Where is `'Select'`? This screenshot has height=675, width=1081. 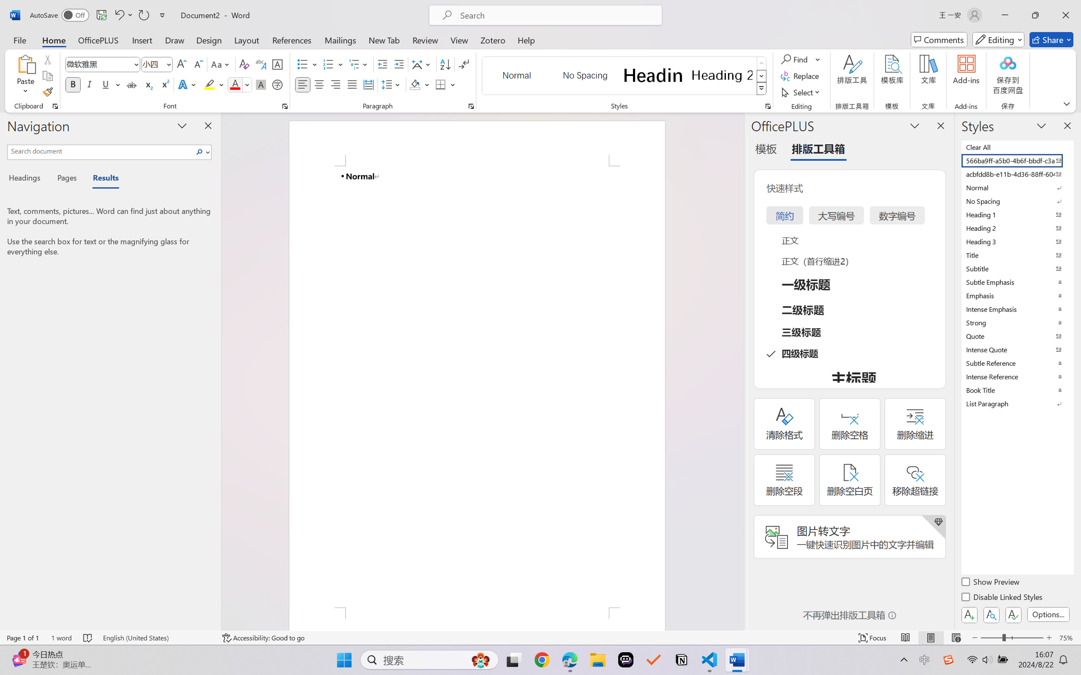
'Select' is located at coordinates (802, 92).